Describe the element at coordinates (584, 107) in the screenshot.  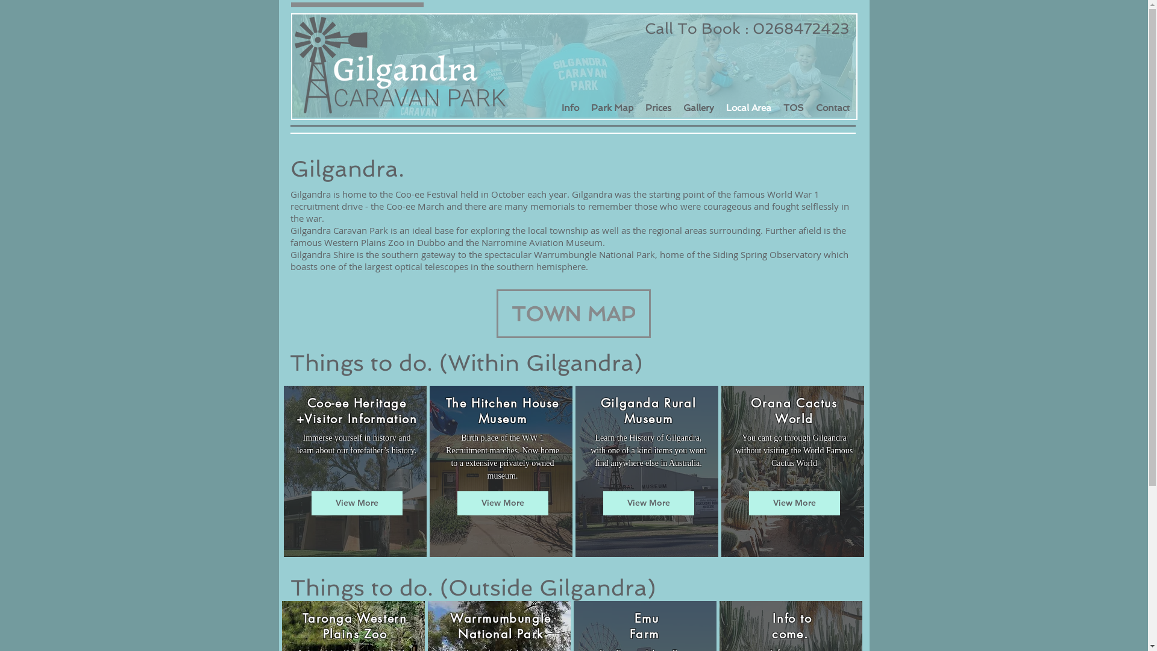
I see `'Park Map'` at that location.